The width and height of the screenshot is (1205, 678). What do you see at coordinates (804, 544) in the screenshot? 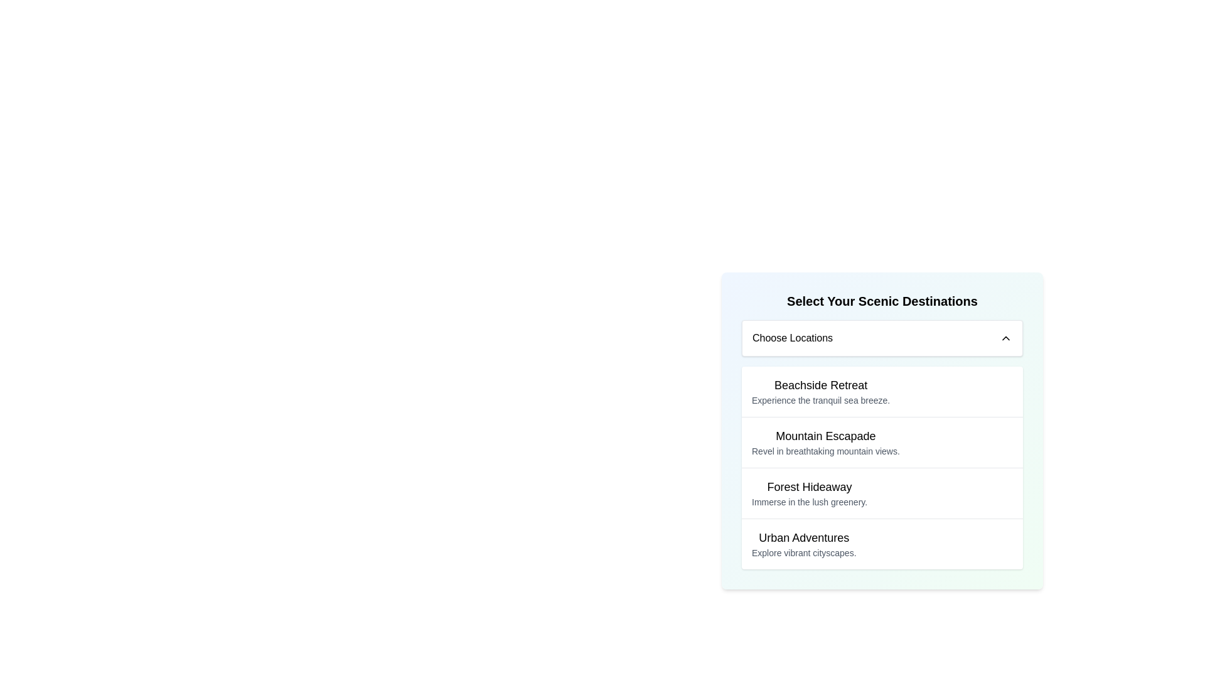
I see `the 'Urban Adventures' text block located at the bottom of the dropdown panel titled 'Select Your Scenic Destinations'` at bounding box center [804, 544].